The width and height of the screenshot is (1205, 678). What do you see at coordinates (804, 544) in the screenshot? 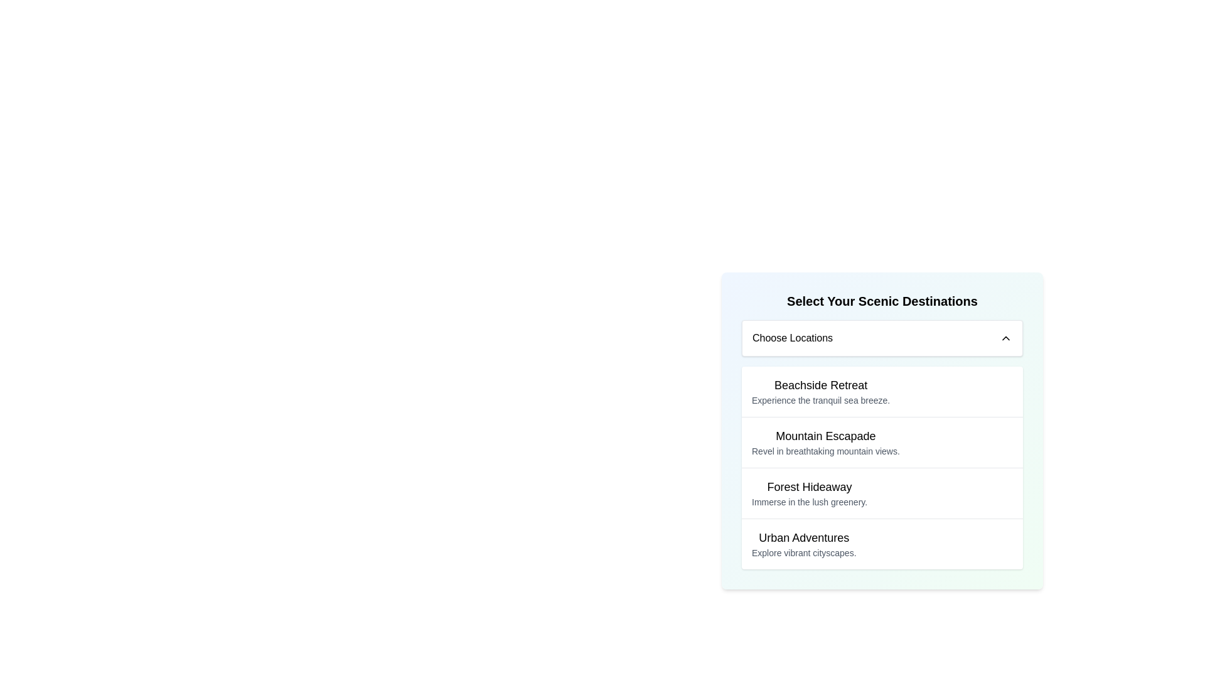
I see `the 'Urban Adventures' text block located at the bottom of the dropdown panel titled 'Select Your Scenic Destinations'` at bounding box center [804, 544].